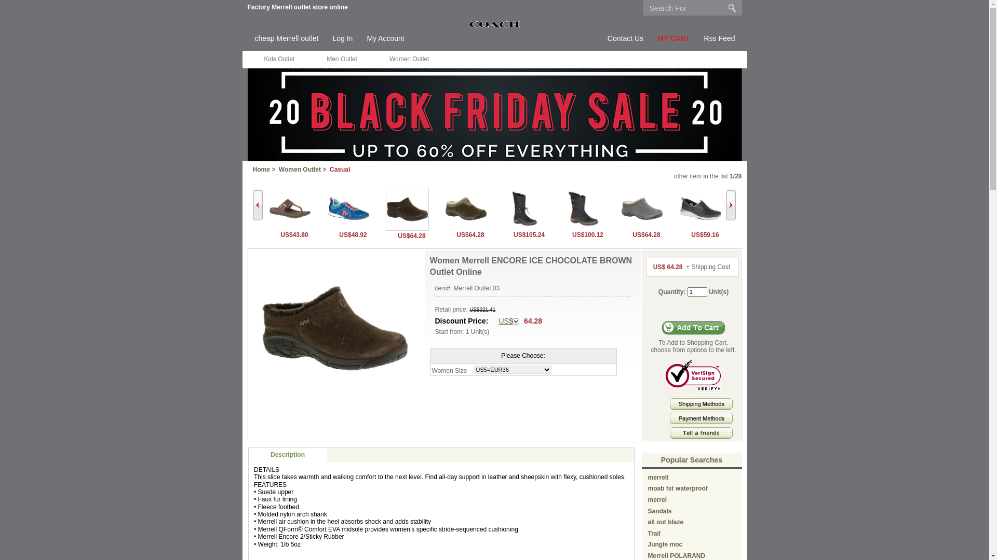 The image size is (997, 560). What do you see at coordinates (673, 38) in the screenshot?
I see `'MY CART'` at bounding box center [673, 38].